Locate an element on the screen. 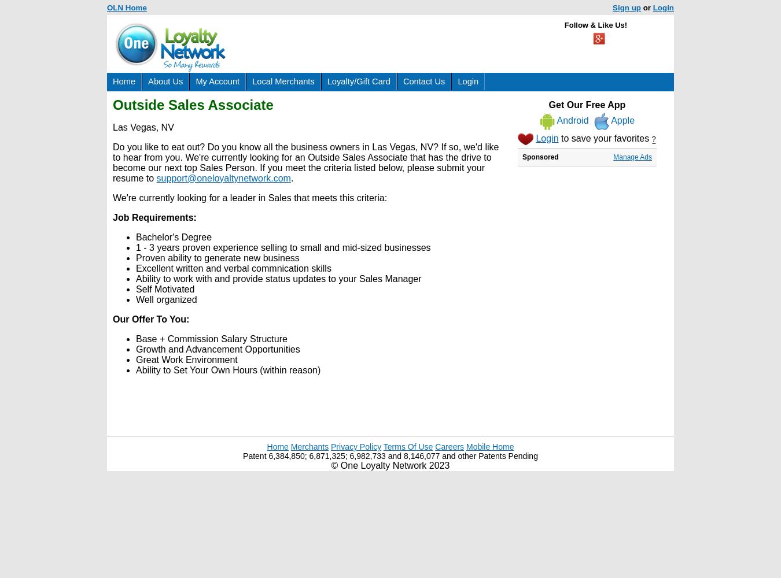 The width and height of the screenshot is (781, 578). 'Patent 6,384,850; 6,871,325; 6,982,733 and 8,146,077 and other Patents Pending' is located at coordinates (390, 456).